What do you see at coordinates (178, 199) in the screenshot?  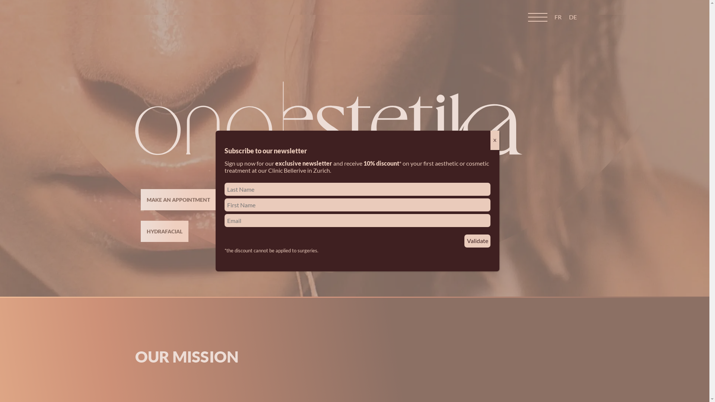 I see `'MAKE AN APPOINTMENT'` at bounding box center [178, 199].